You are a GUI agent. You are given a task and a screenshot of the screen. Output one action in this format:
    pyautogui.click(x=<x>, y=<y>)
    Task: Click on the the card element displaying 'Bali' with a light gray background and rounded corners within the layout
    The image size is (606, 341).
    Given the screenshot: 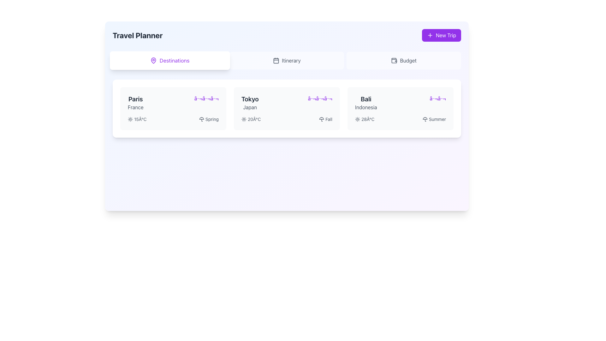 What is the action you would take?
    pyautogui.click(x=400, y=108)
    